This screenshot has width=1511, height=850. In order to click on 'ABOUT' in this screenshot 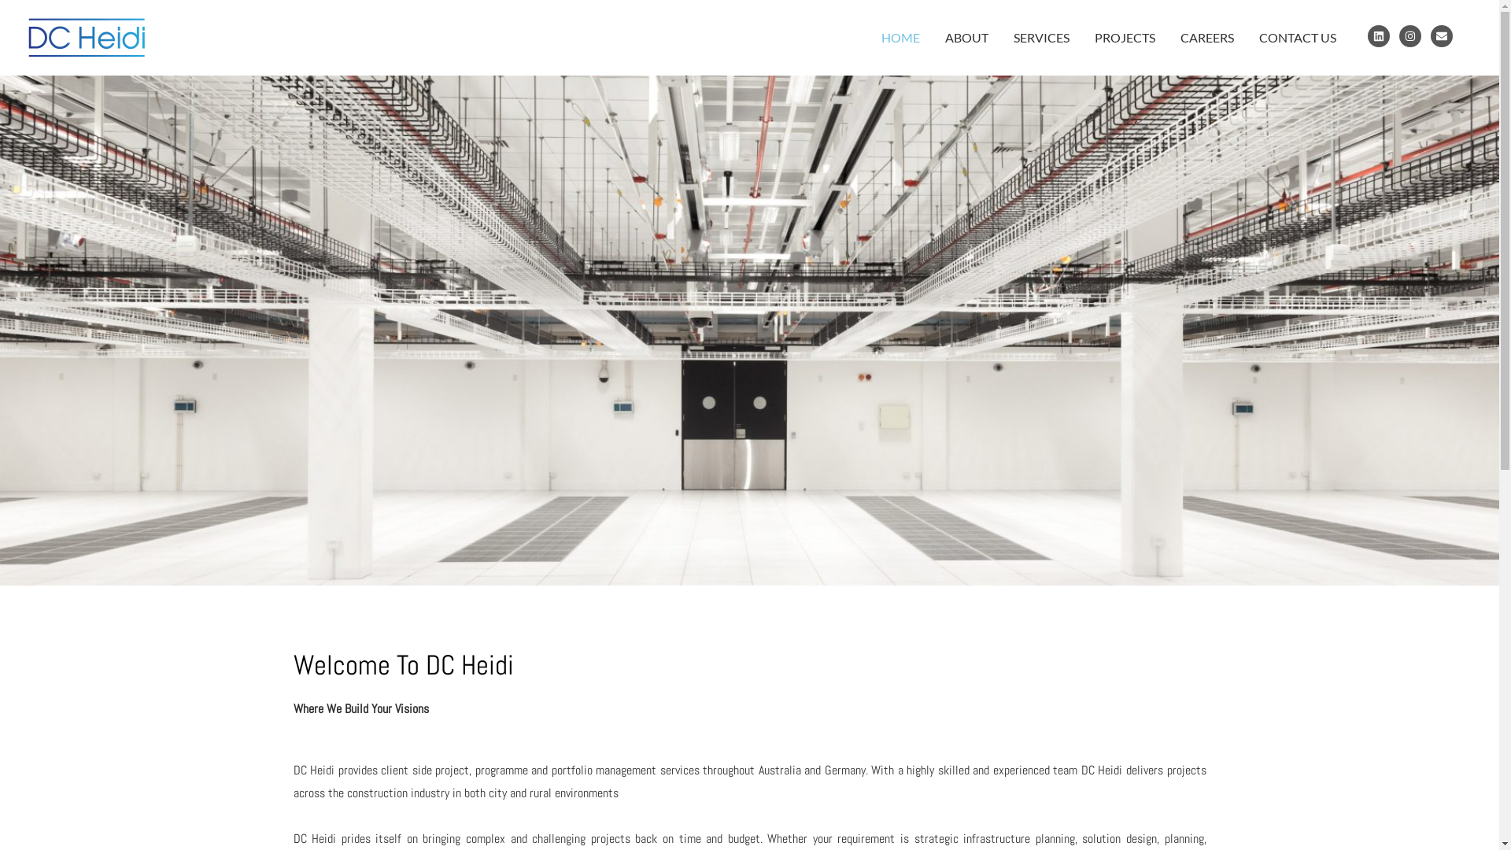, I will do `click(933, 36)`.